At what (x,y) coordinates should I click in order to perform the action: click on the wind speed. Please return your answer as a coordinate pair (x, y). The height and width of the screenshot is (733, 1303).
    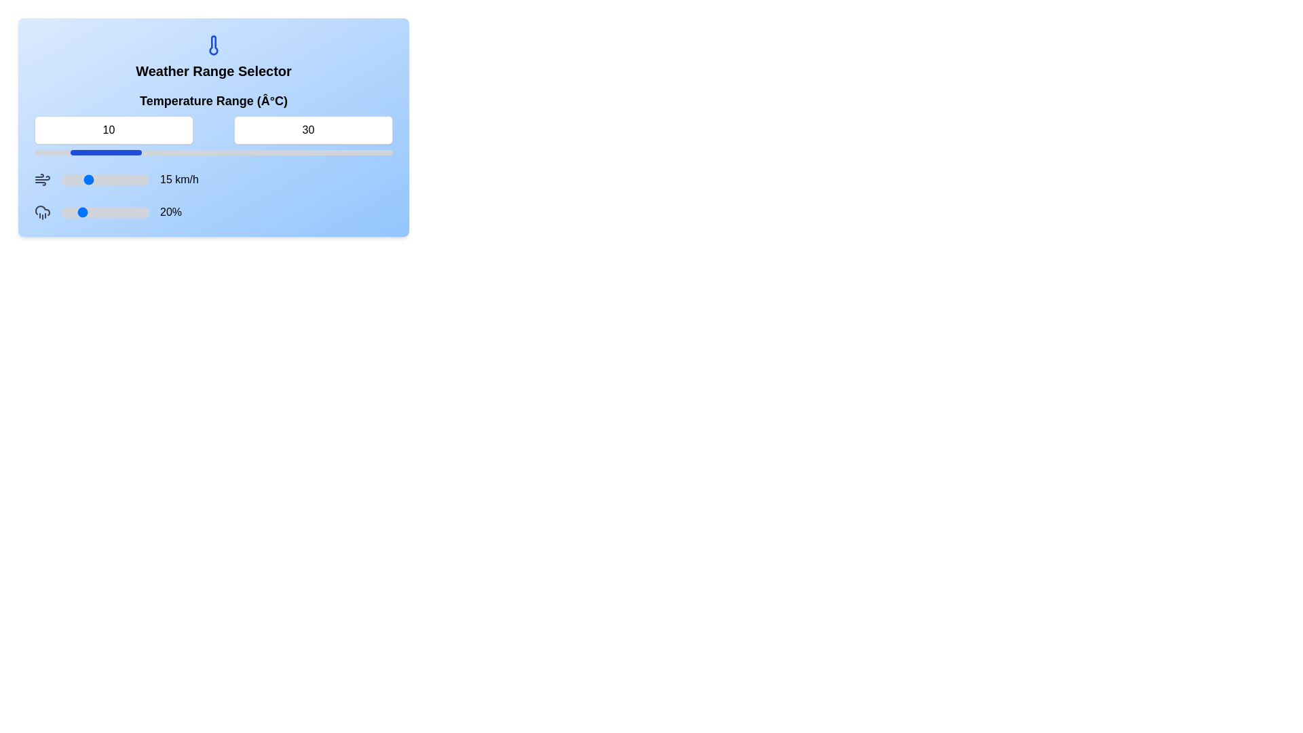
    Looking at the image, I should click on (64, 179).